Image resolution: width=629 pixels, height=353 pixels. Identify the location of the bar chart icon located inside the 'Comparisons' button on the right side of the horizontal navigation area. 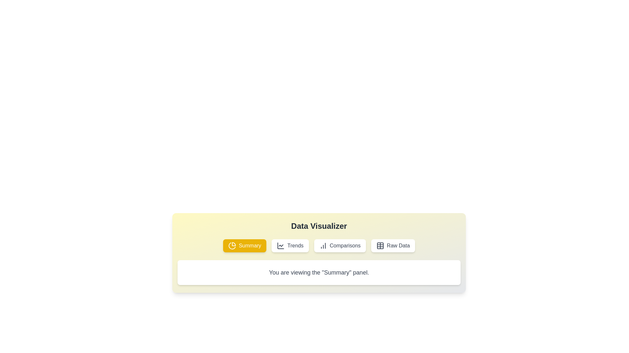
(323, 246).